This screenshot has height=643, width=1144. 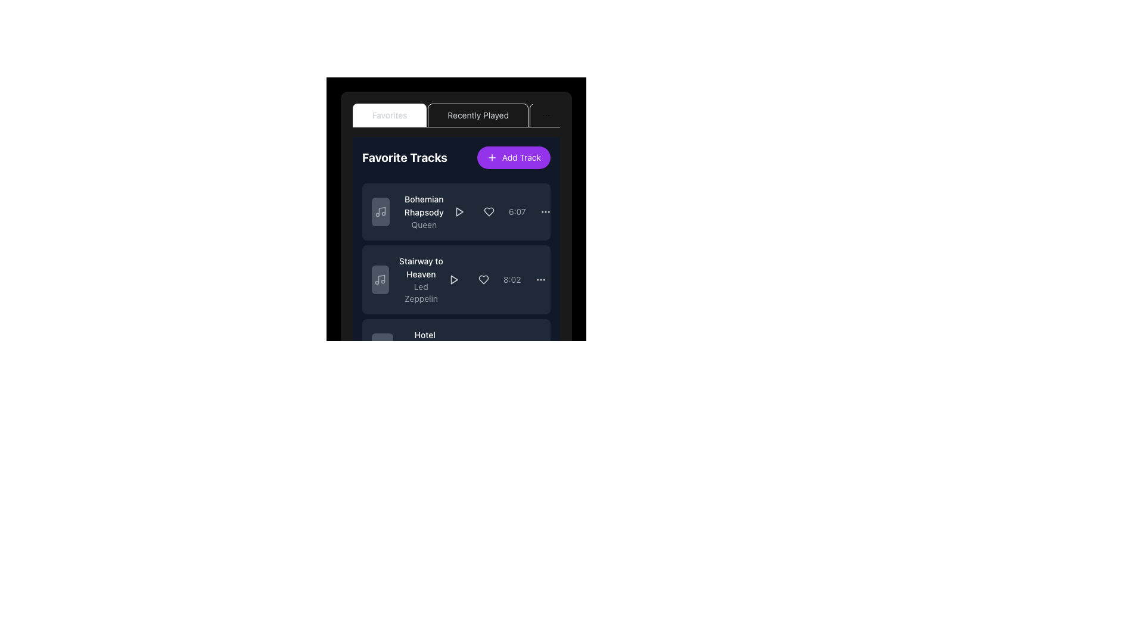 What do you see at coordinates (540, 280) in the screenshot?
I see `the circular button with three vertically aligned dots, located at the far right of the row for 'Stairway to Heaven' by Led Zeppelin` at bounding box center [540, 280].